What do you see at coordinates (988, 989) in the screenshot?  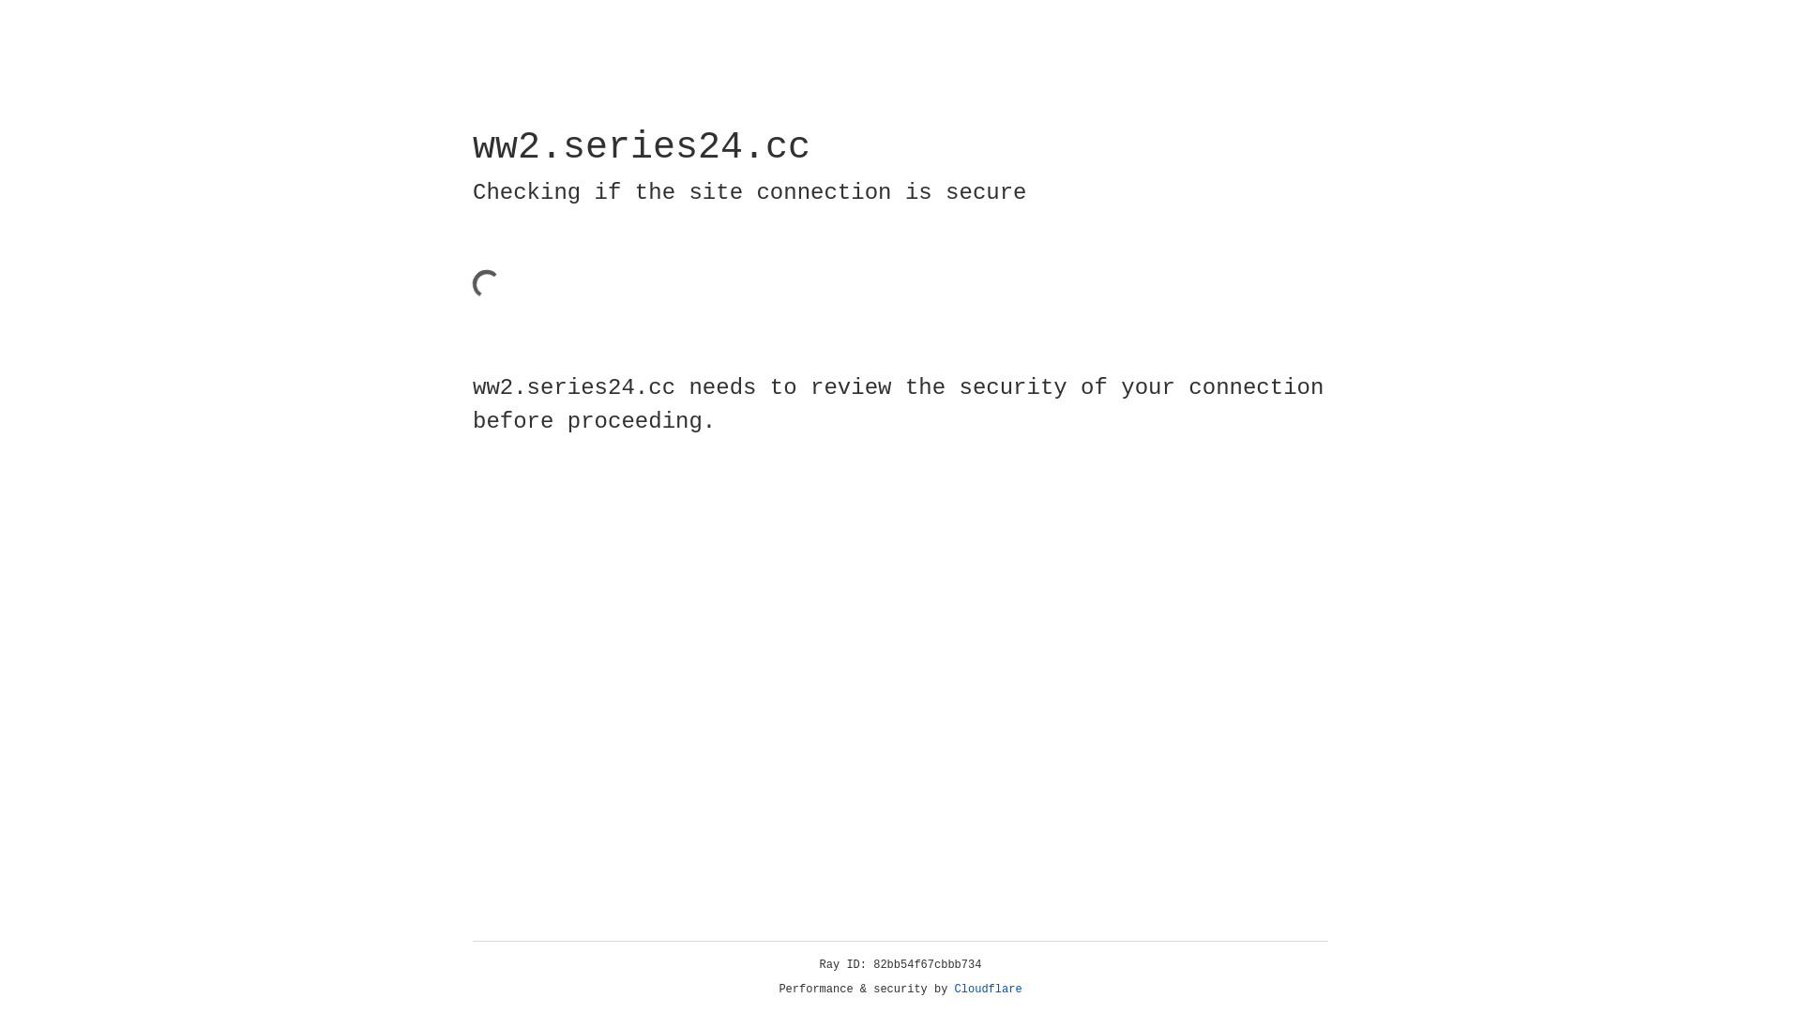 I see `'Cloudflare'` at bounding box center [988, 989].